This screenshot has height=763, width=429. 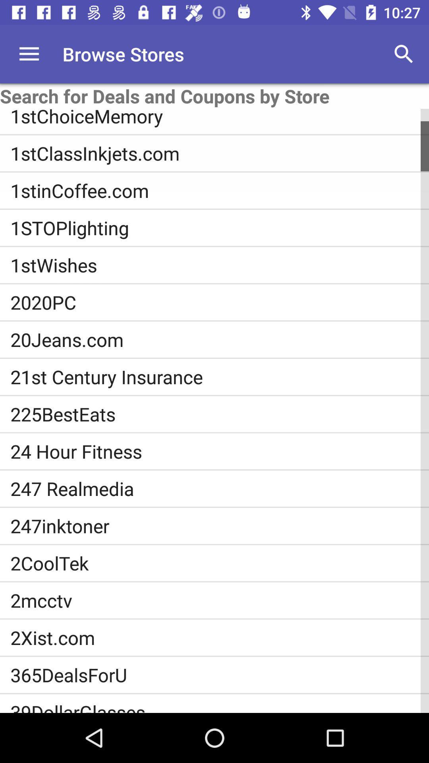 What do you see at coordinates (220, 706) in the screenshot?
I see `the 39dollarglasses icon` at bounding box center [220, 706].